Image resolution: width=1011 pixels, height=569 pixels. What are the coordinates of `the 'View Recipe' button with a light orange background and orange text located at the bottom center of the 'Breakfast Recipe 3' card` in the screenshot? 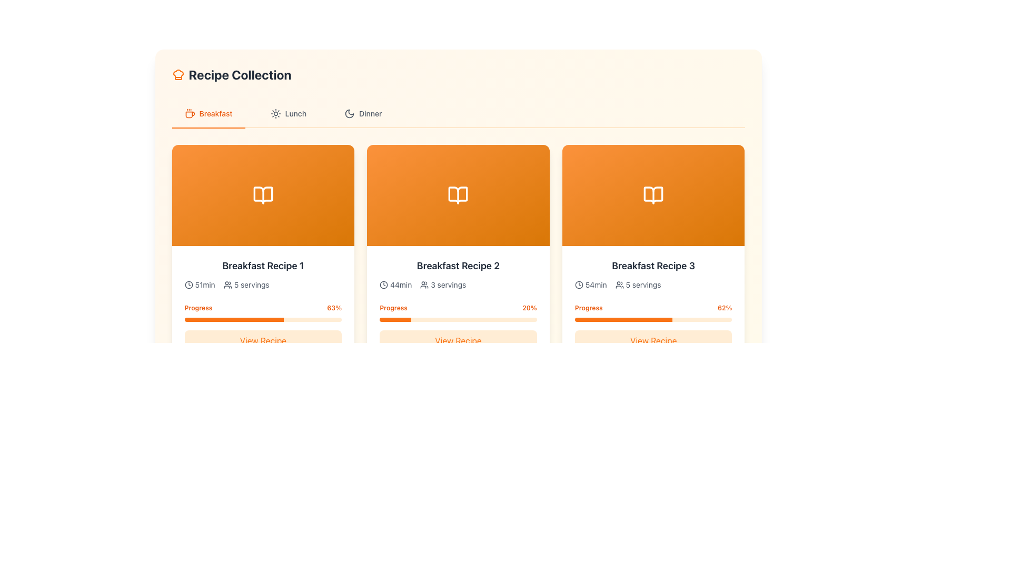 It's located at (653, 341).